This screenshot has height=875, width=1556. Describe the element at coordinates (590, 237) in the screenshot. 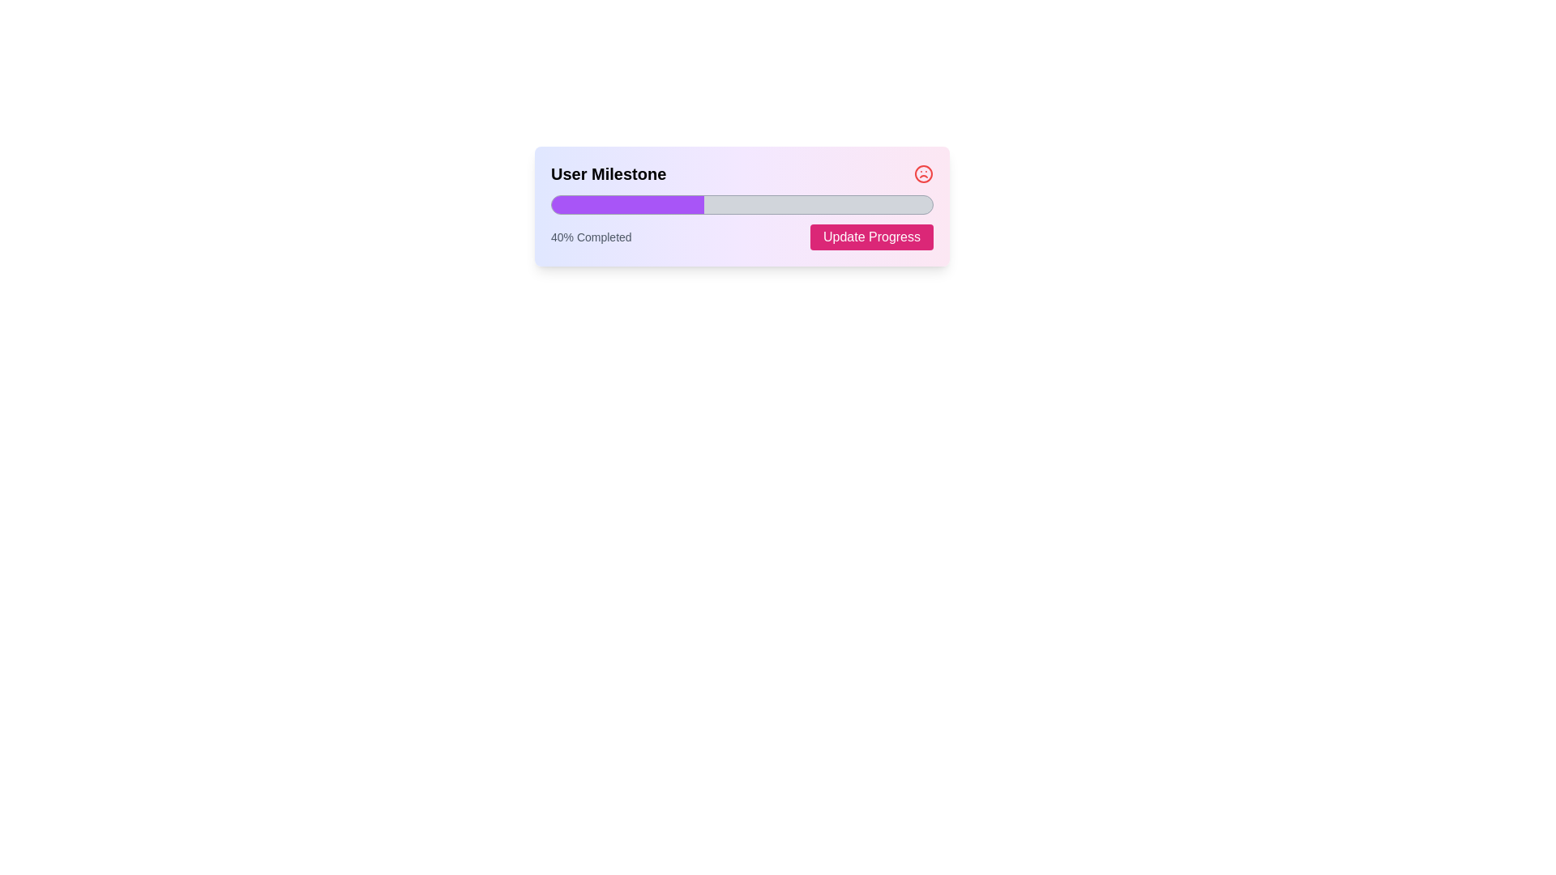

I see `the text label displaying '40% Completed', which is positioned beneath the progress bar and to the left of the 'Update Progress' button` at that location.